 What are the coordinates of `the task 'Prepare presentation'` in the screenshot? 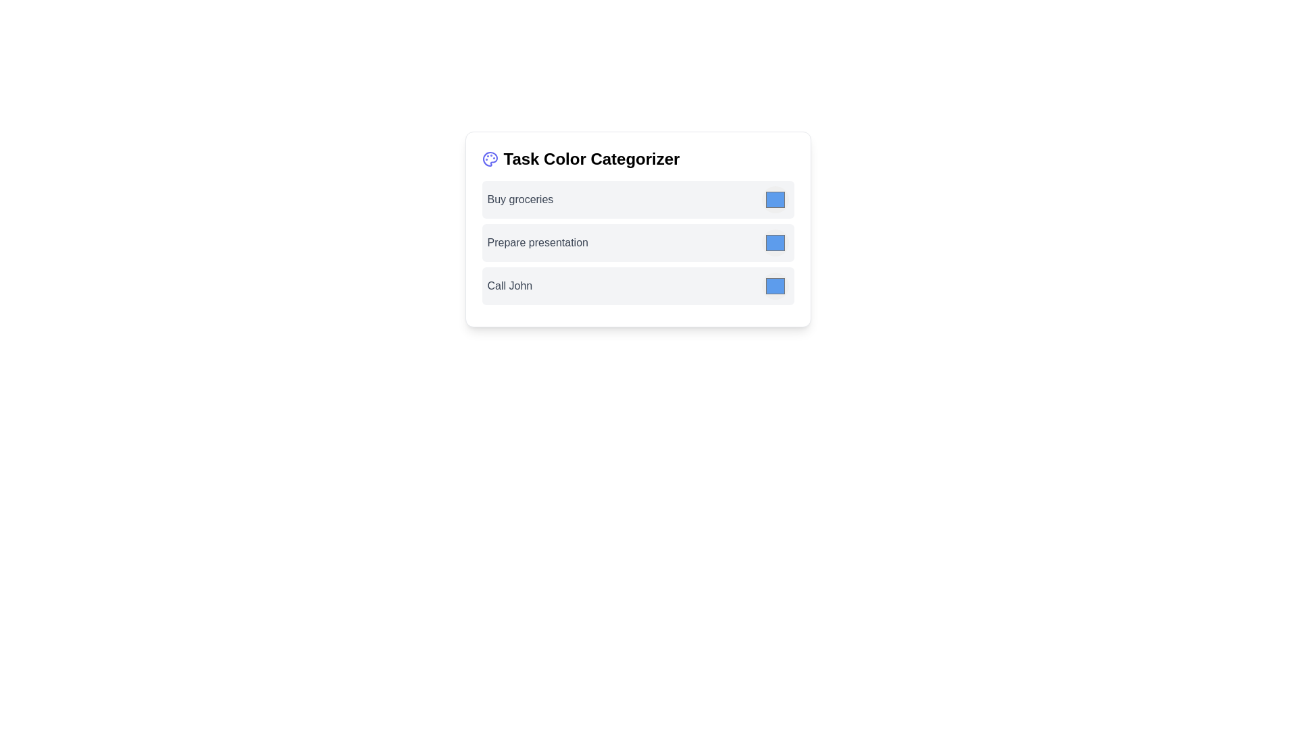 It's located at (637, 245).